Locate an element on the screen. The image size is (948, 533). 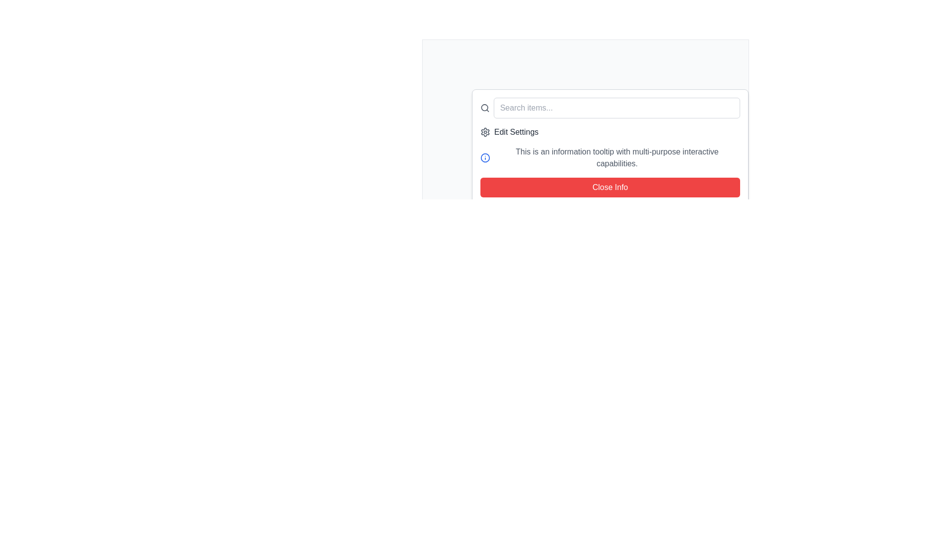
the circular element of the magnifying glass icon located in the top-left corner of the visible card interface is located at coordinates (484, 108).